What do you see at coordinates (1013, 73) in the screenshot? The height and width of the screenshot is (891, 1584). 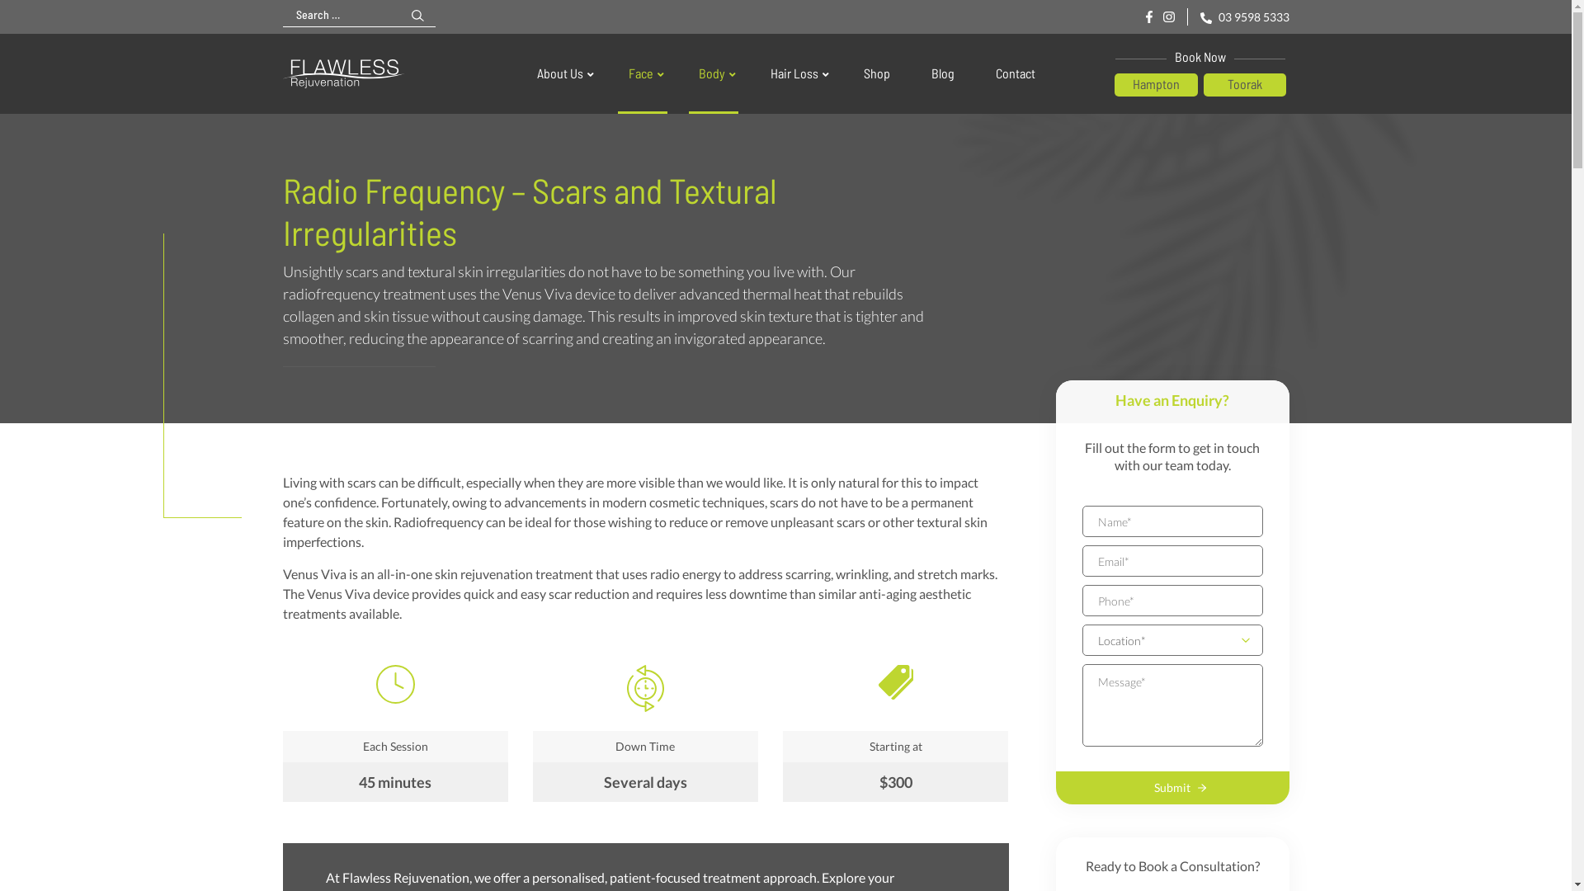 I see `'Contact'` at bounding box center [1013, 73].